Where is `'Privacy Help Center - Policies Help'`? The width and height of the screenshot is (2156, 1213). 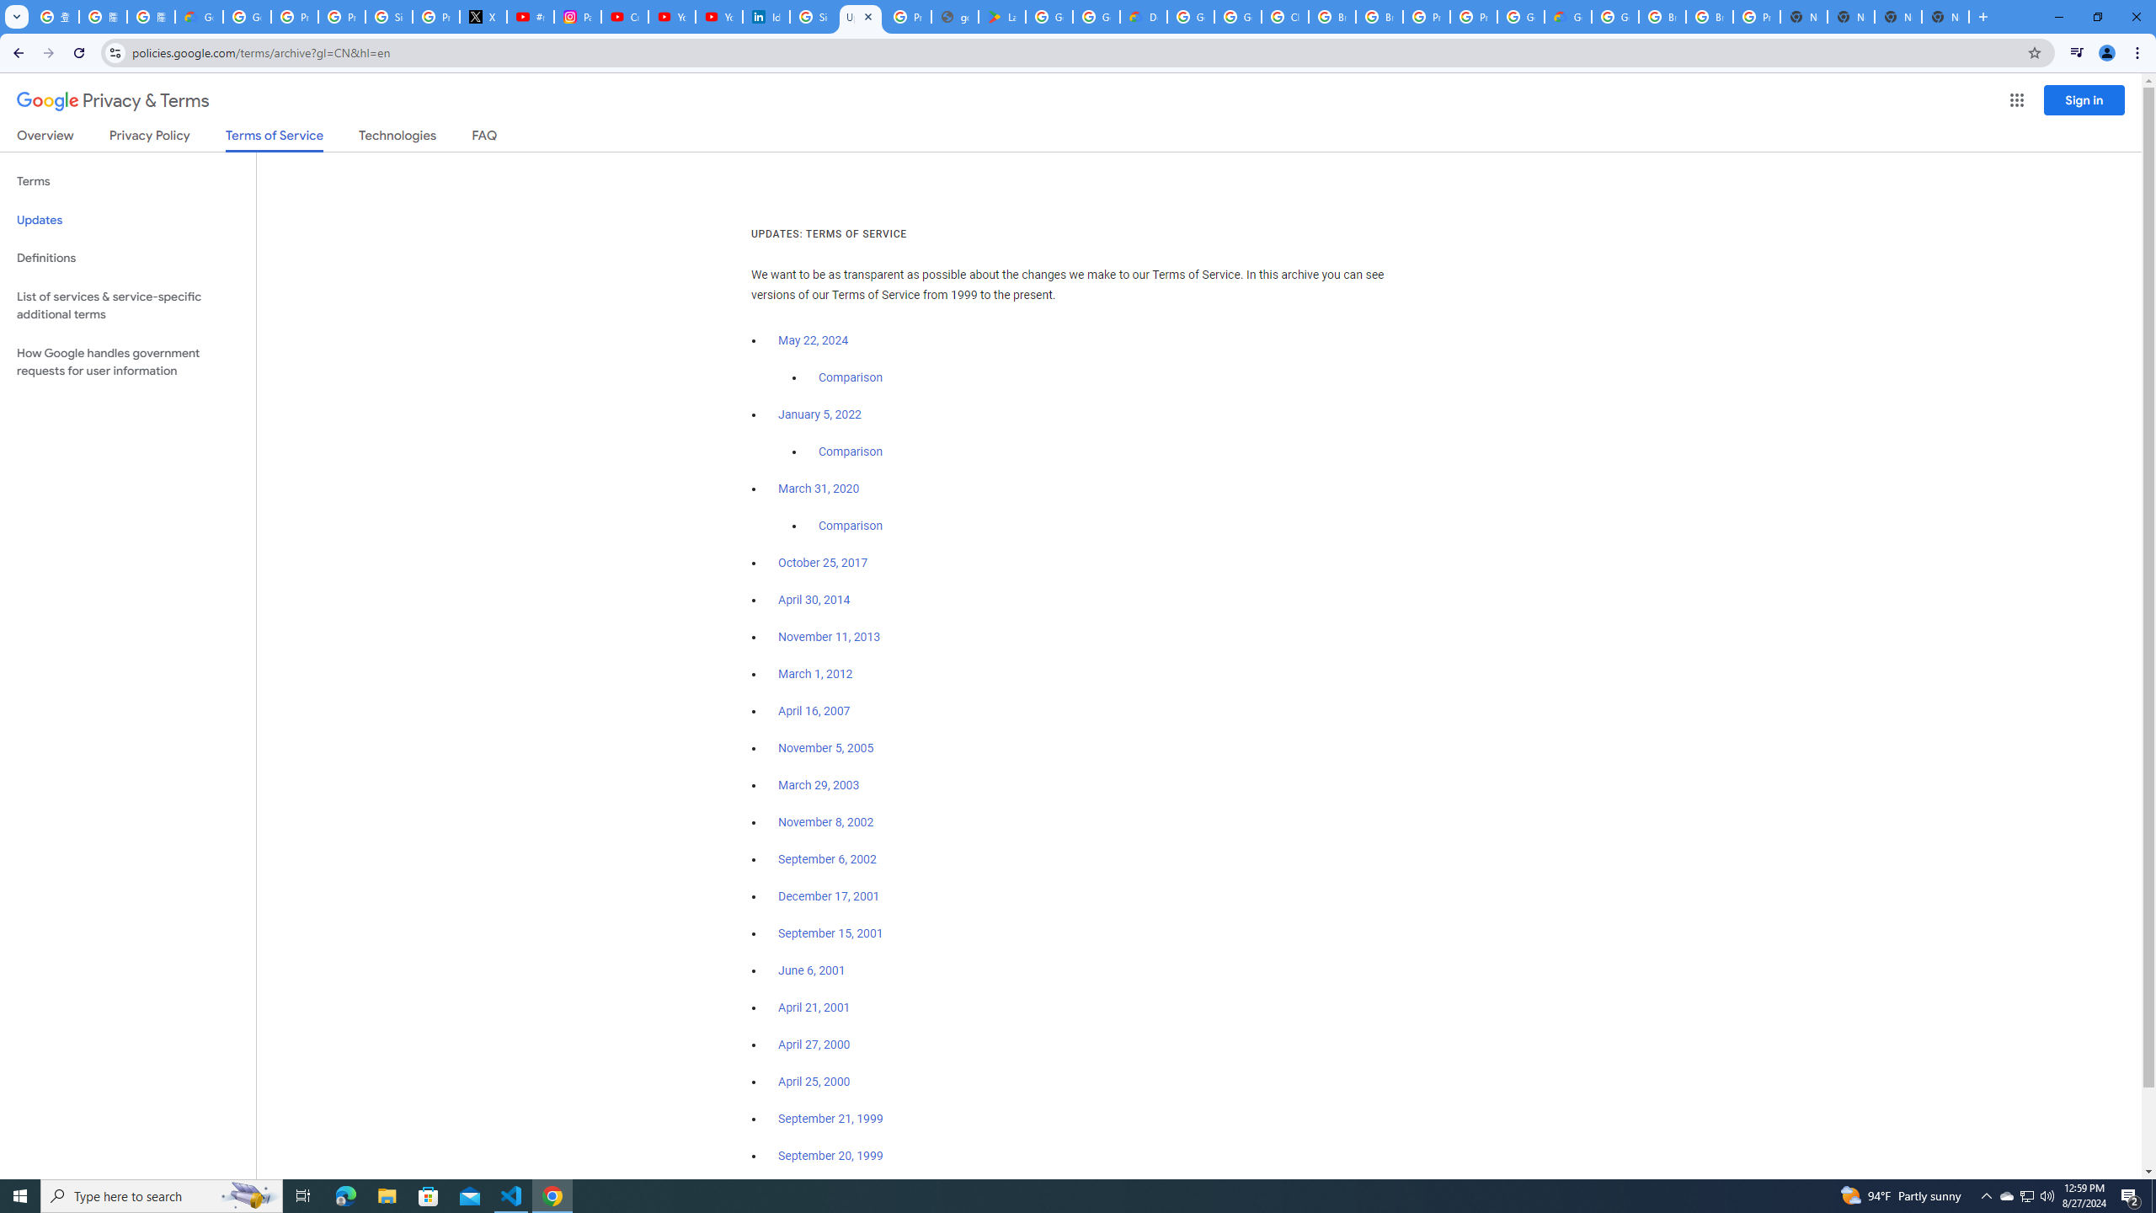 'Privacy Help Center - Policies Help' is located at coordinates (340, 16).